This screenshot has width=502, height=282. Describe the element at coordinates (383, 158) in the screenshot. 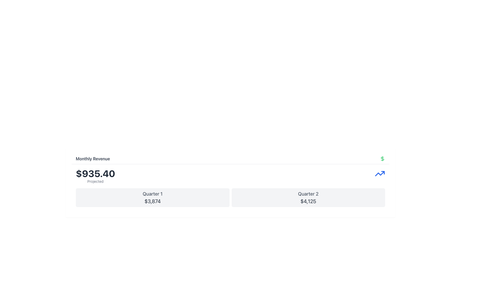

I see `the revenue indicator icon located in the top-right corner of the 'Monthly Revenue' section` at that location.